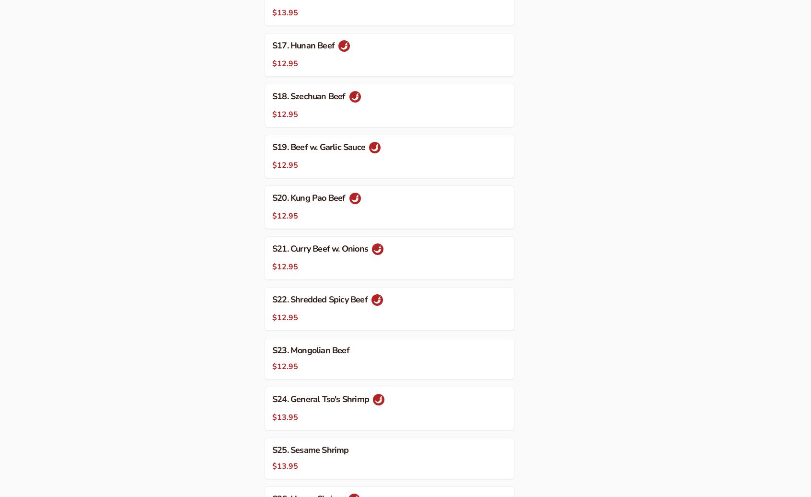 The width and height of the screenshot is (811, 497). I want to click on 'S17.  Hunan Beef', so click(304, 44).